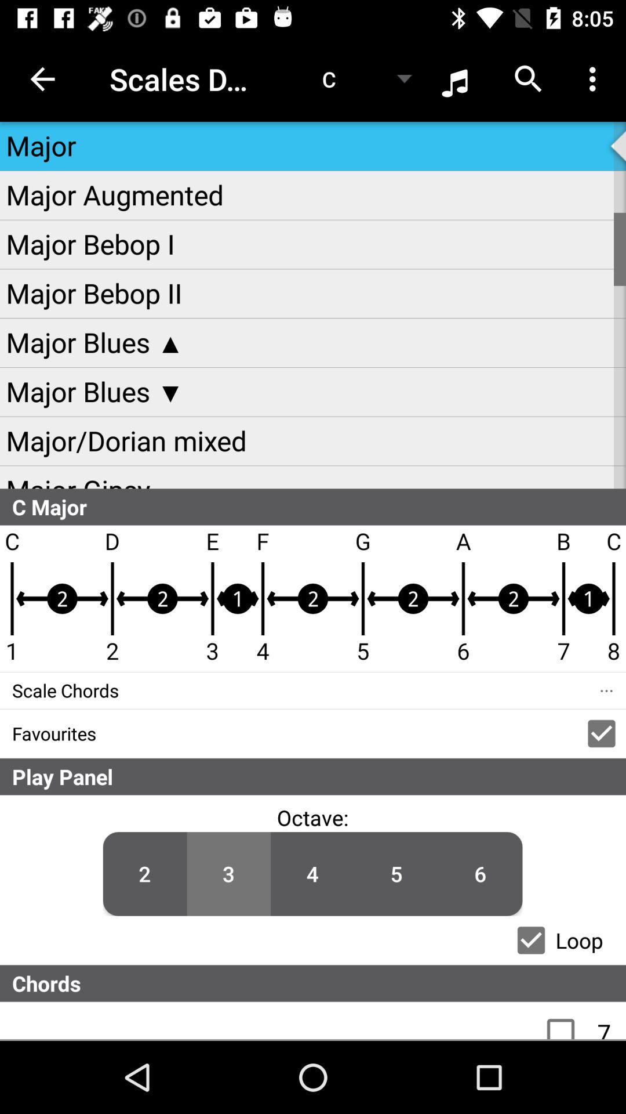 The width and height of the screenshot is (626, 1114). Describe the element at coordinates (566, 1019) in the screenshot. I see `the check box which is immediately below chords` at that location.